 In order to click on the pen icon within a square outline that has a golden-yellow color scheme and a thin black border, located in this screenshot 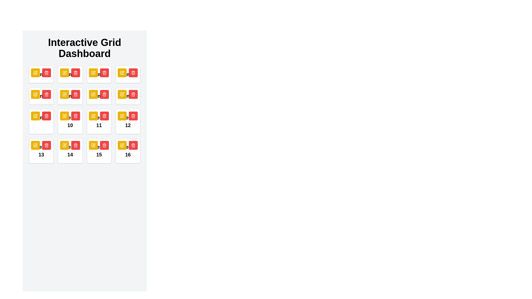, I will do `click(122, 145)`.